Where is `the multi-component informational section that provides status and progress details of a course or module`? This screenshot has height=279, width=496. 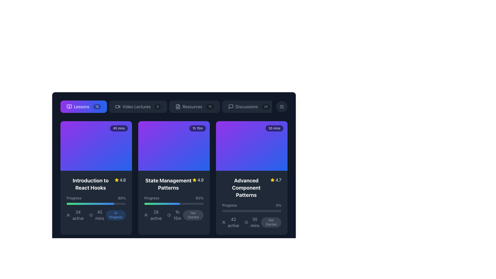
the multi-component informational section that provides status and progress details of a course or module is located at coordinates (96, 215).